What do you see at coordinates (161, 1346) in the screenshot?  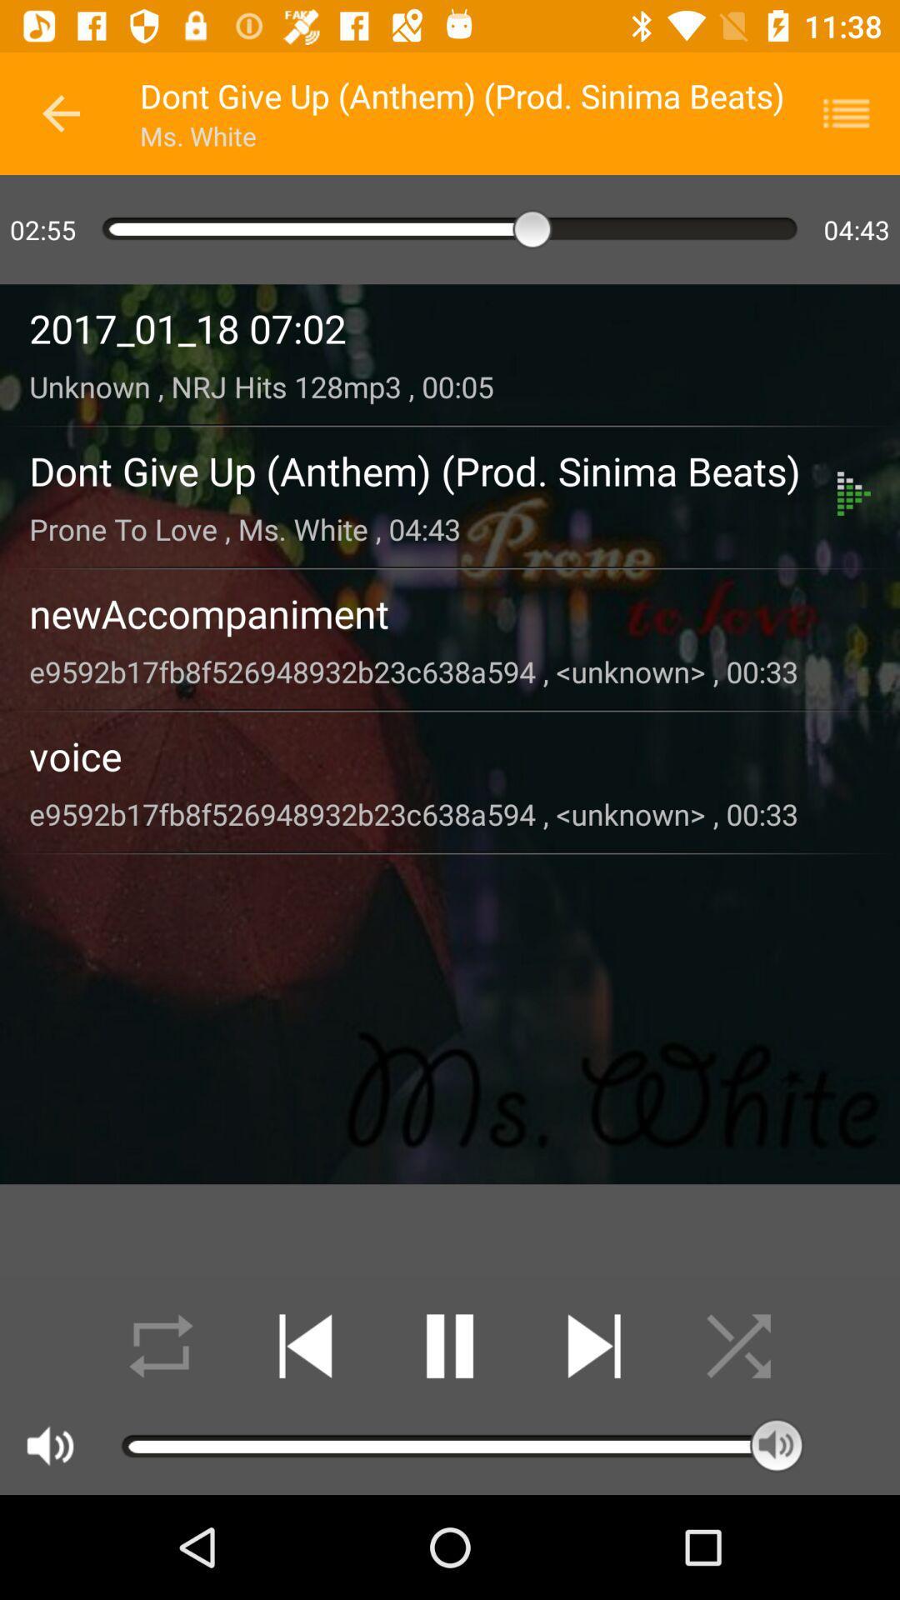 I see `in loop` at bounding box center [161, 1346].